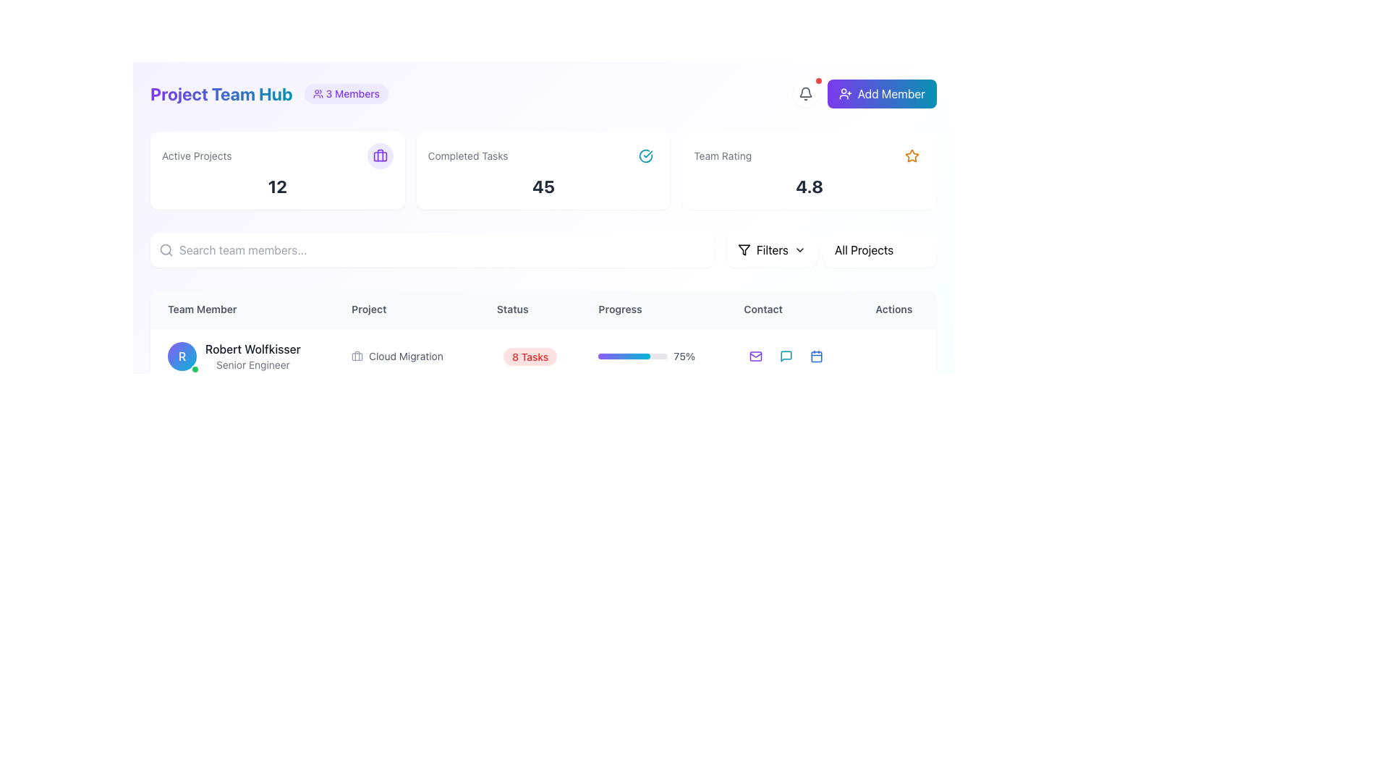 This screenshot has height=781, width=1389. I want to click on the horizontal progress bar filled to 90% with a gradient from violet to cyan, located in the 'Progress' column of a project management interface, so click(633, 466).